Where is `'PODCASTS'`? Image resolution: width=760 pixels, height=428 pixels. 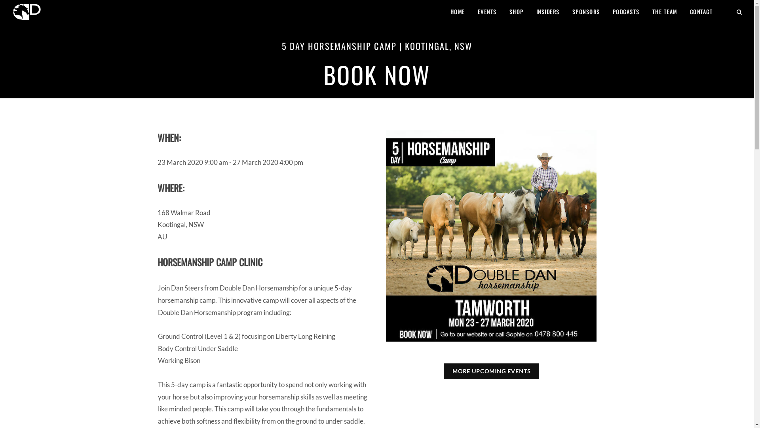
'PODCASTS' is located at coordinates (625, 12).